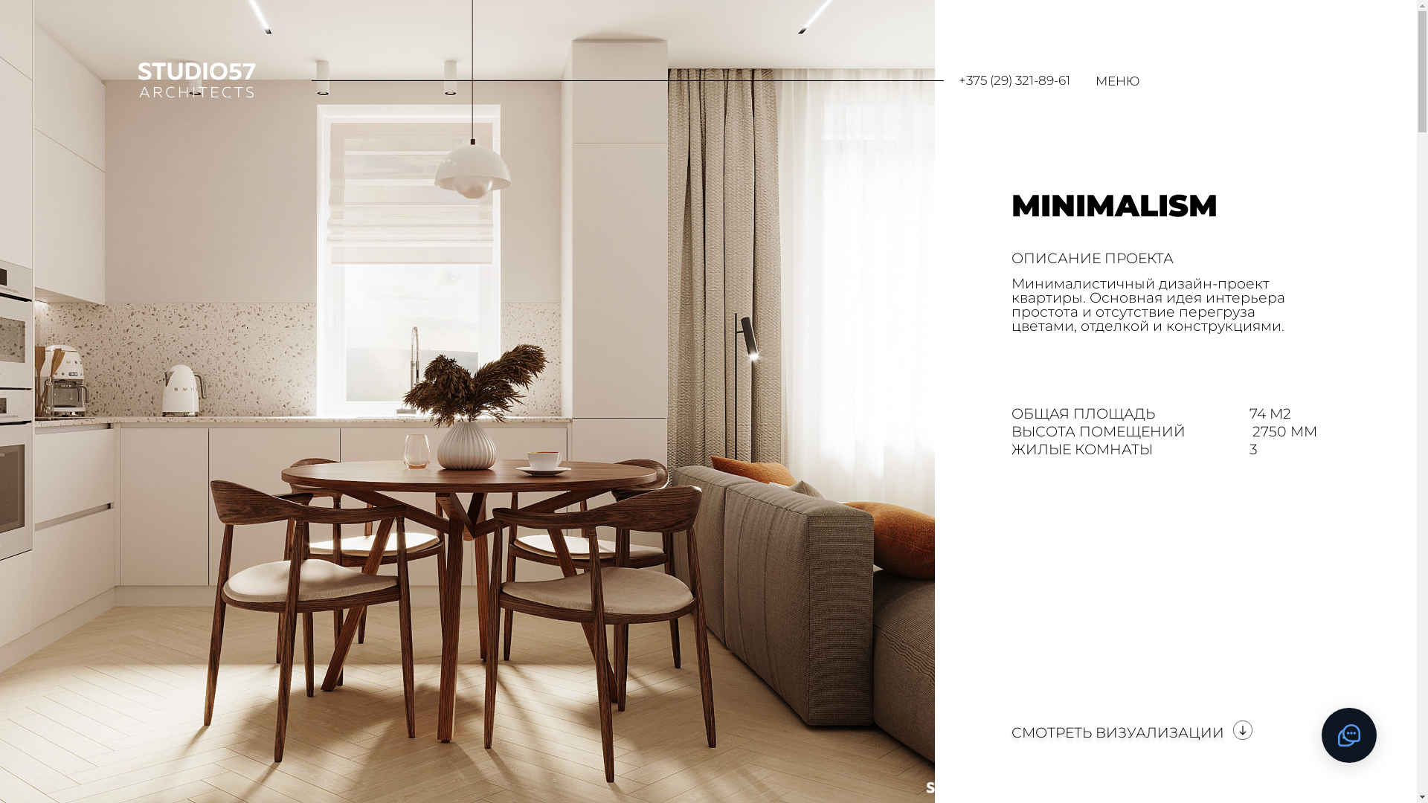 The width and height of the screenshot is (1428, 803). What do you see at coordinates (1013, 80) in the screenshot?
I see `'+375 (29) 321-89-61'` at bounding box center [1013, 80].